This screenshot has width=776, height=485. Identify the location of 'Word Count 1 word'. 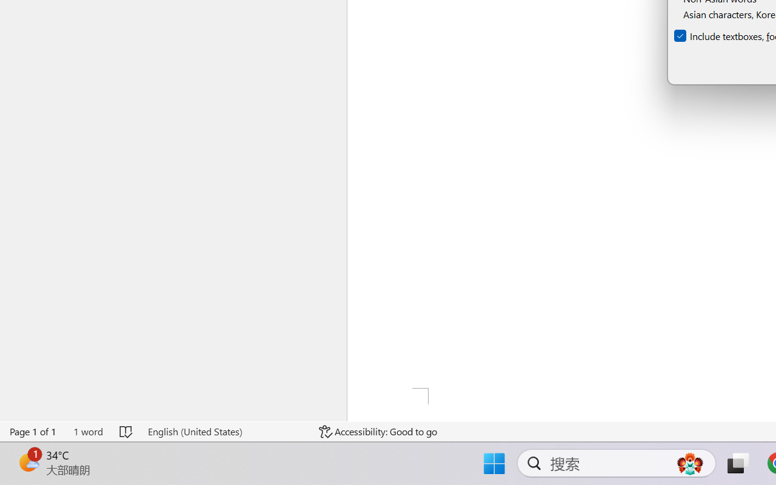
(87, 431).